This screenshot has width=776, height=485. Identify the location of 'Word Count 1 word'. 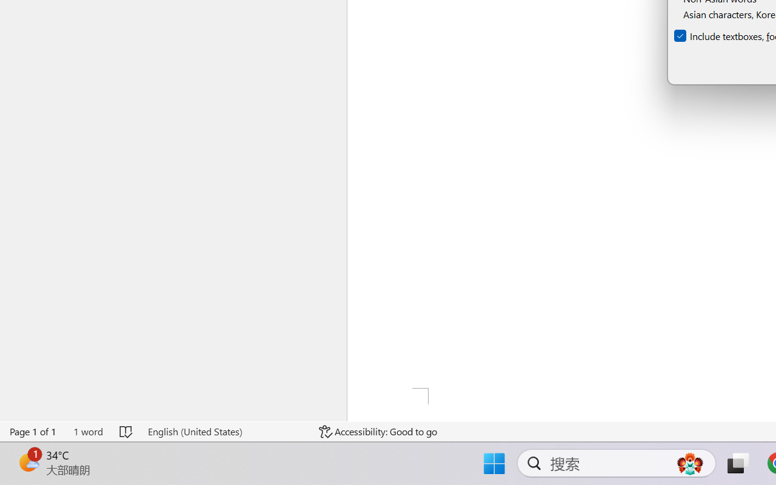
(87, 431).